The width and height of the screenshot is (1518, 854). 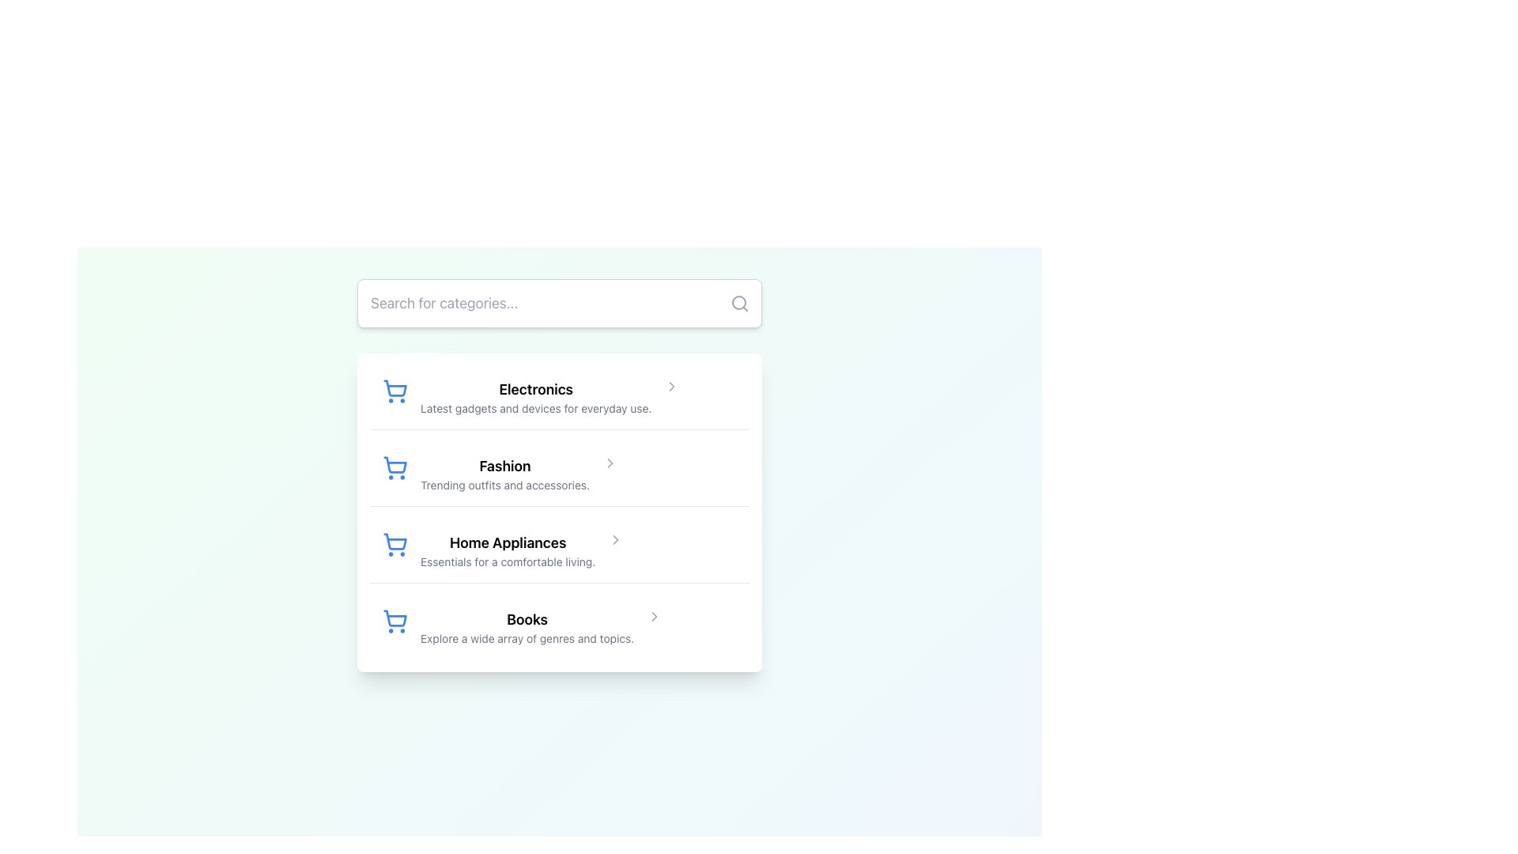 What do you see at coordinates (655, 615) in the screenshot?
I see `the navigable icon on the far right of the fourth row to redirect to the detailed view for the 'Books' category` at bounding box center [655, 615].